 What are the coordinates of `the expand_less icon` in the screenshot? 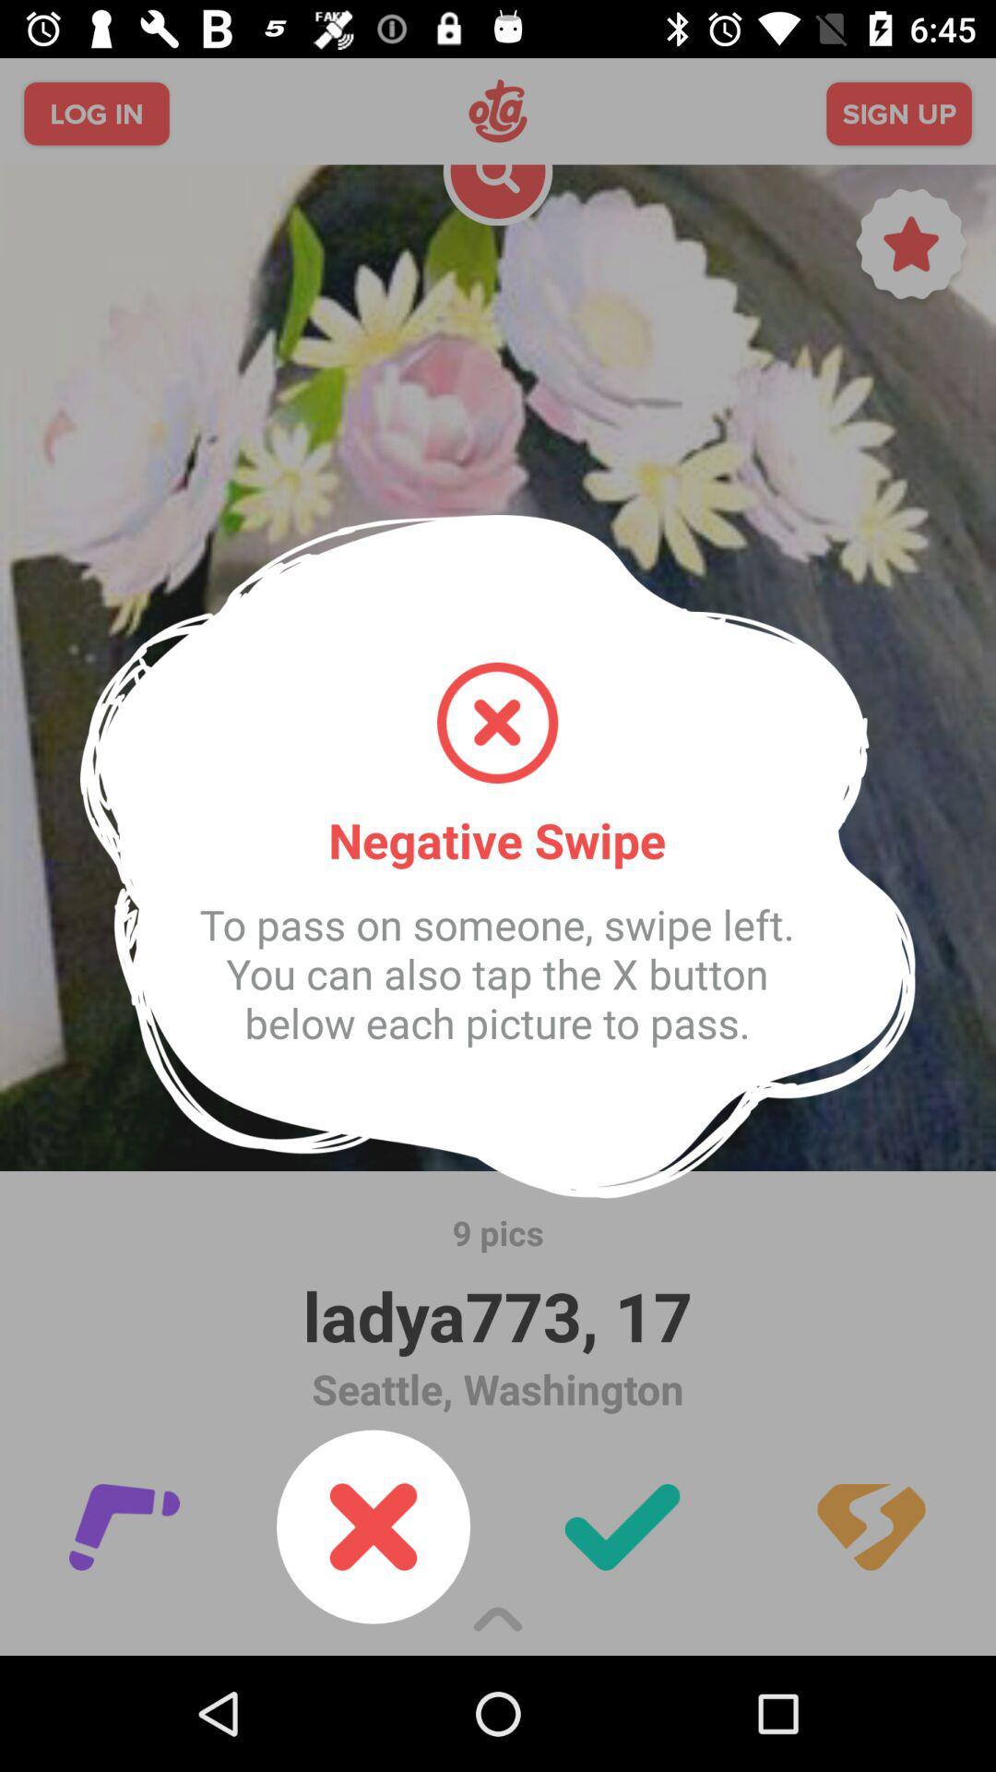 It's located at (498, 1618).